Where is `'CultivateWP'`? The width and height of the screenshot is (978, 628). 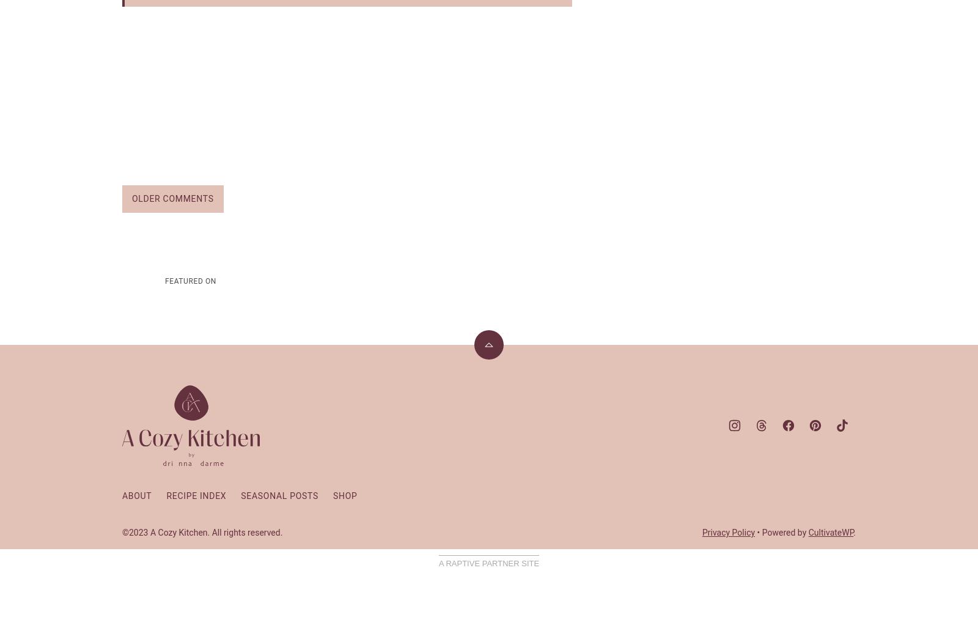 'CultivateWP' is located at coordinates (830, 531).